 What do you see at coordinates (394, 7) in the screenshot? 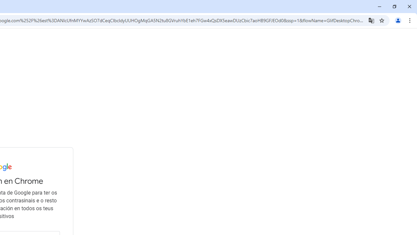
I see `'Restore'` at bounding box center [394, 7].